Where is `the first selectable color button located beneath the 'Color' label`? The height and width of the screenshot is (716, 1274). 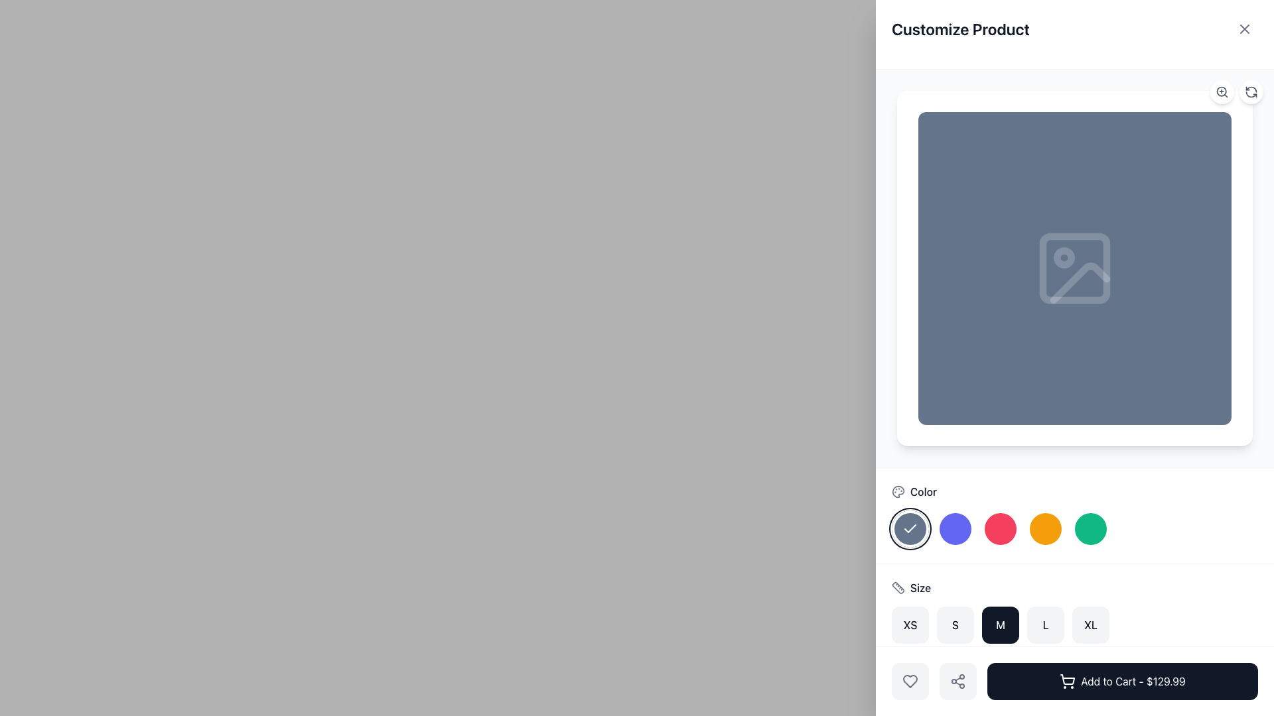
the first selectable color button located beneath the 'Color' label is located at coordinates (910, 528).